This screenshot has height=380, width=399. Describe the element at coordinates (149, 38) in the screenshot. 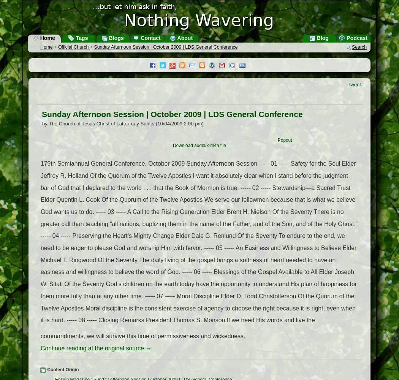

I see `'Contact'` at that location.